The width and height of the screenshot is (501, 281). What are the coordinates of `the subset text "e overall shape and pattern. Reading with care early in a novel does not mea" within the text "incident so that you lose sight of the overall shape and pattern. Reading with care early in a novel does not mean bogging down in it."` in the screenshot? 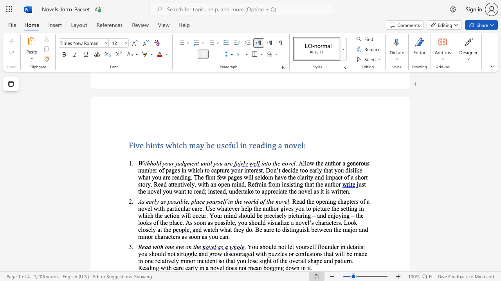 It's located at (284, 261).